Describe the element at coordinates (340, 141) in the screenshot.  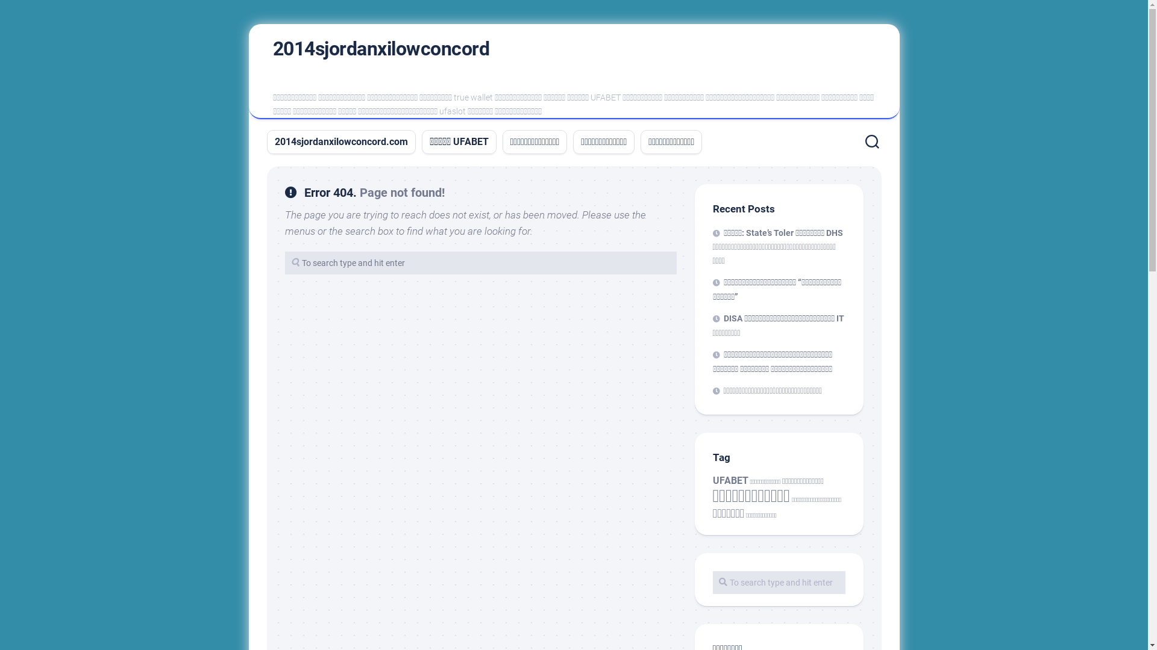
I see `'2014sjordanxilowconcord.com'` at that location.